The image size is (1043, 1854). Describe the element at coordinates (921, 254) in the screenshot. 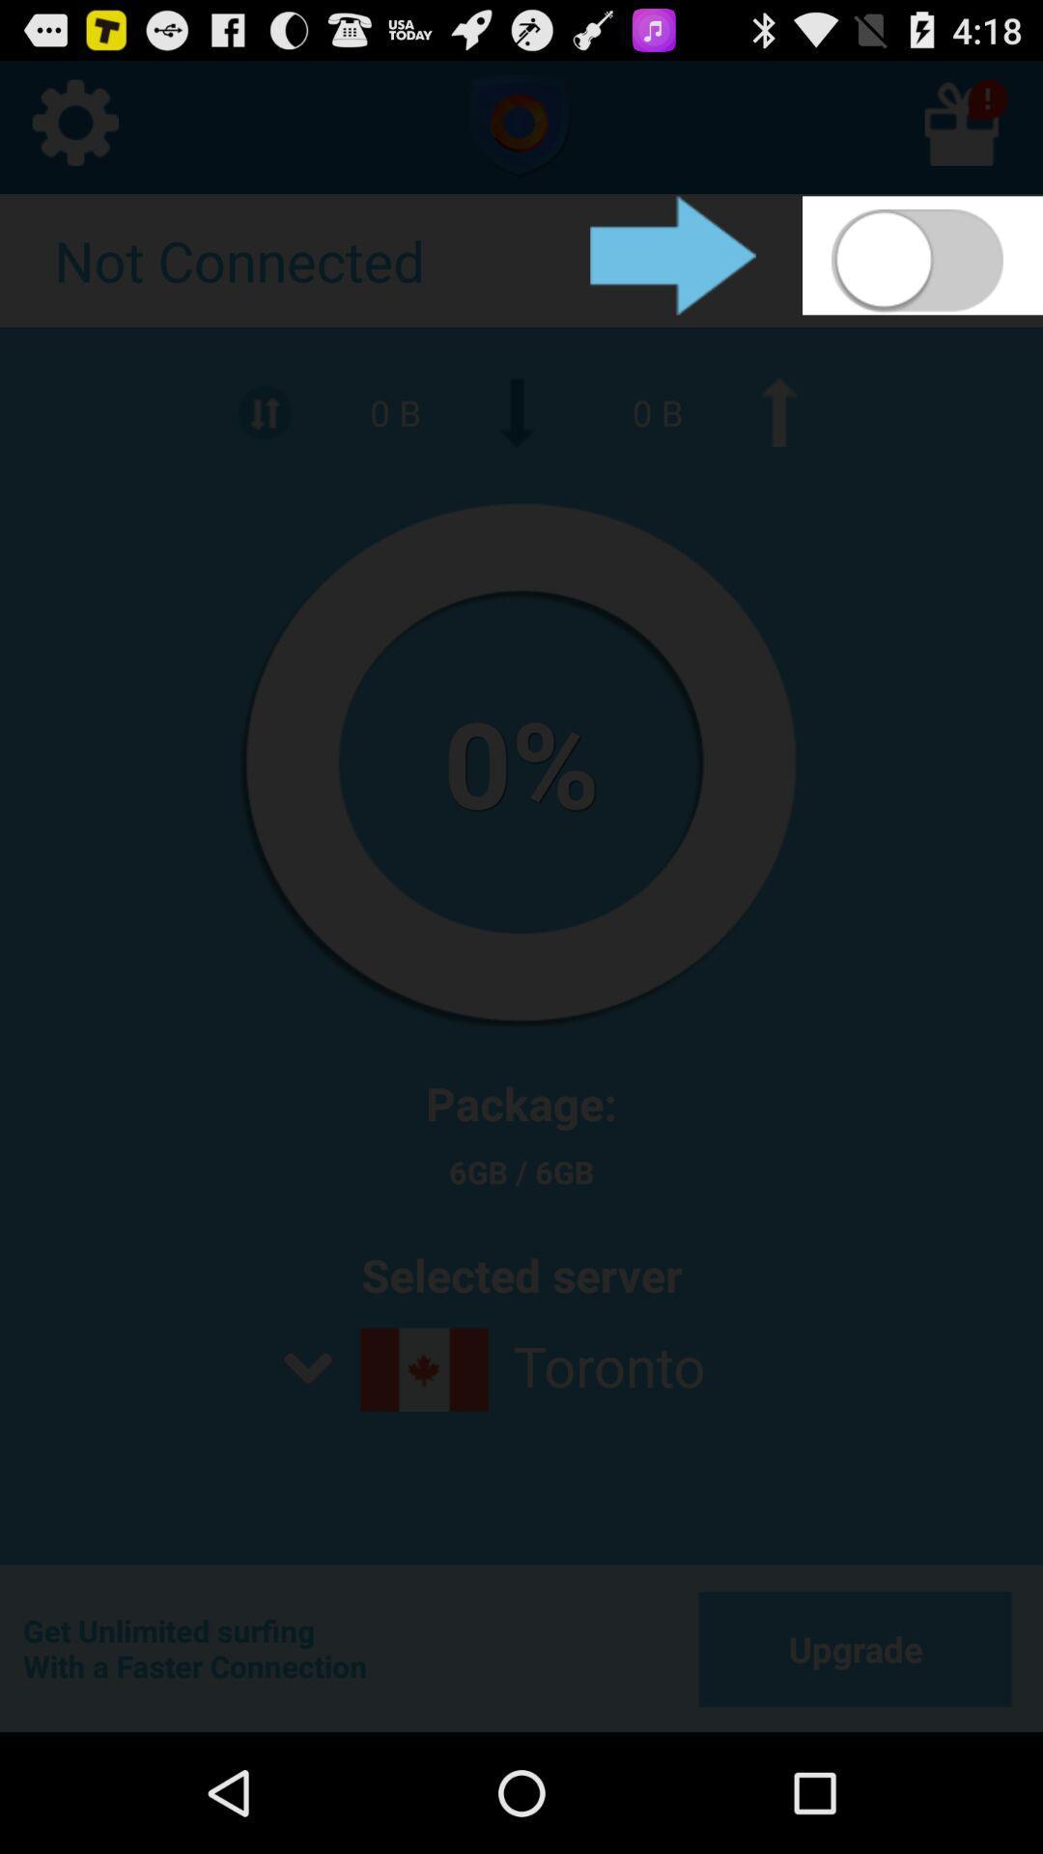

I see `connect to internet` at that location.